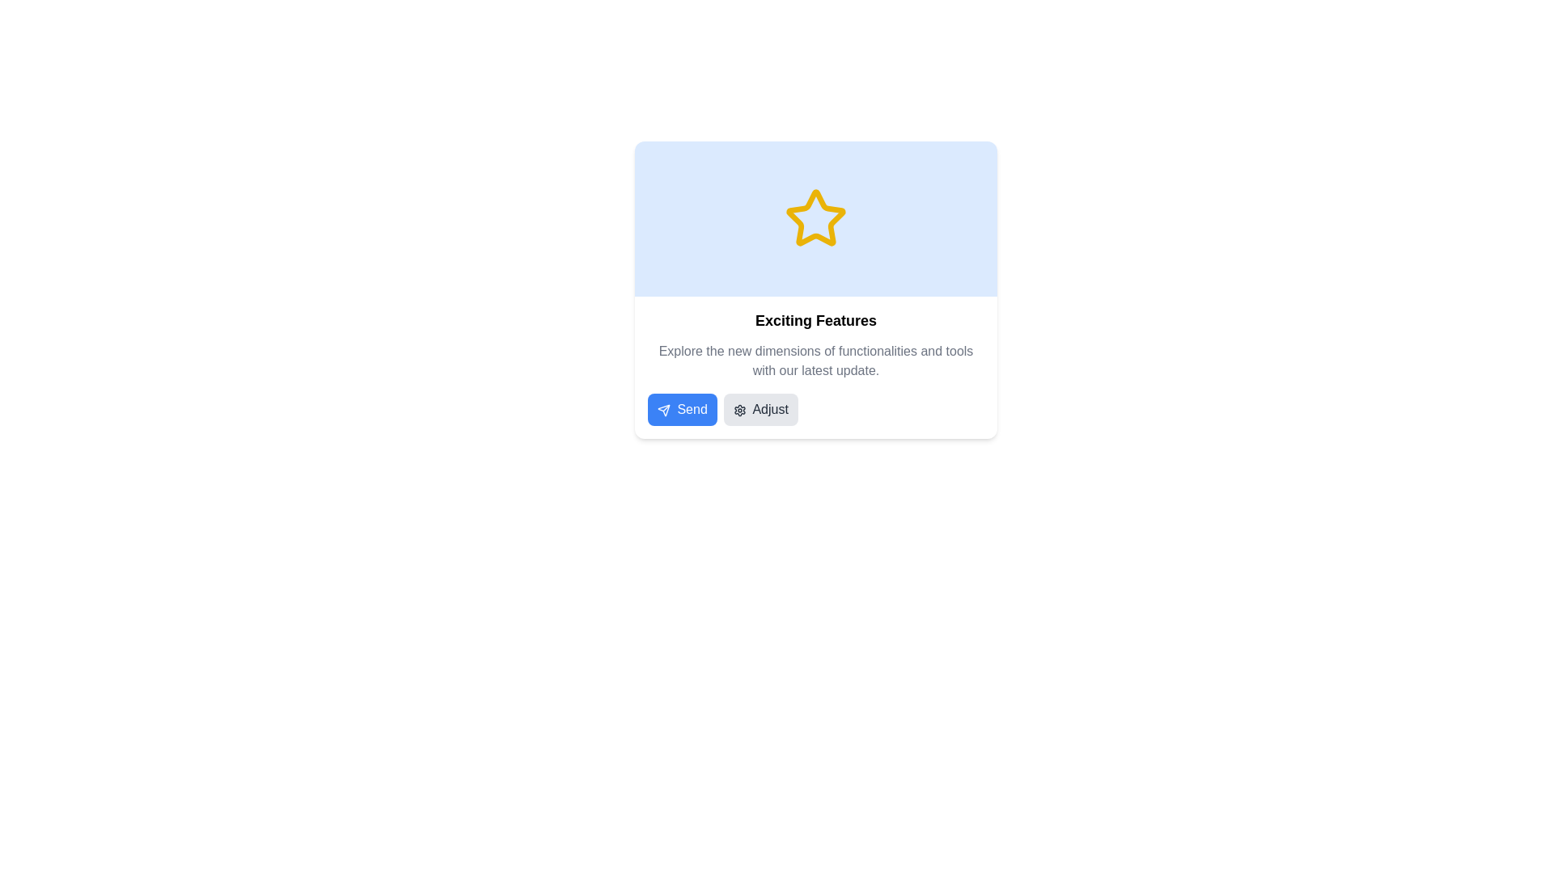  What do you see at coordinates (738, 409) in the screenshot?
I see `the gear icon button located to the left of the text 'Adjust' in the gray button at the center bottom of the 'Exciting Features' card` at bounding box center [738, 409].